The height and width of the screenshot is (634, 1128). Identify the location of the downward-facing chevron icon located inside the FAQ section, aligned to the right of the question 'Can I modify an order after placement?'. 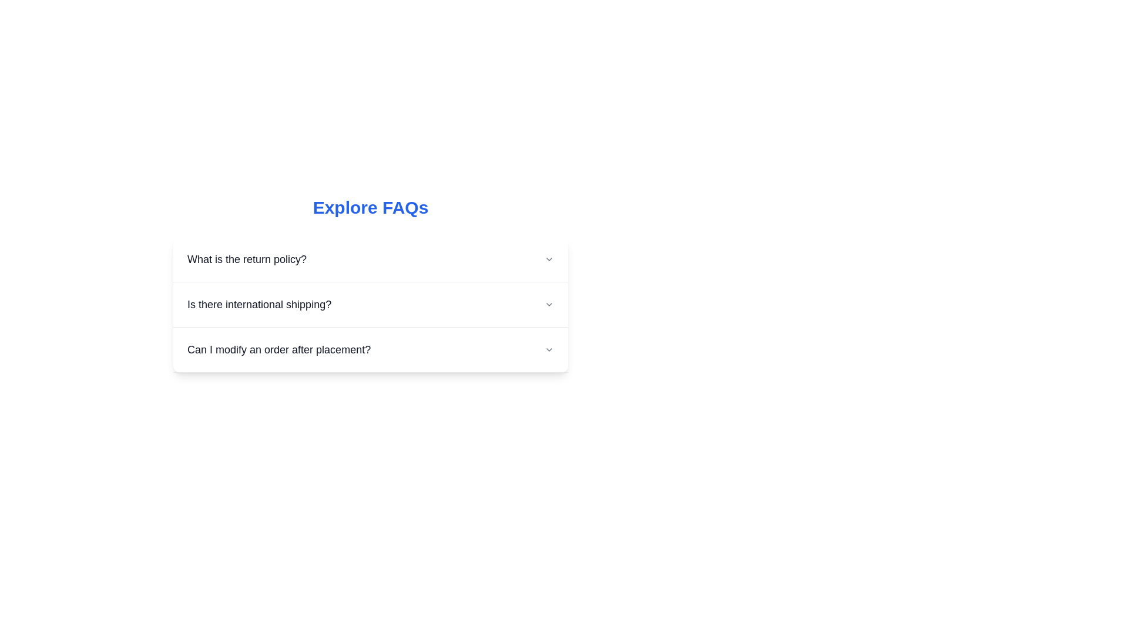
(549, 349).